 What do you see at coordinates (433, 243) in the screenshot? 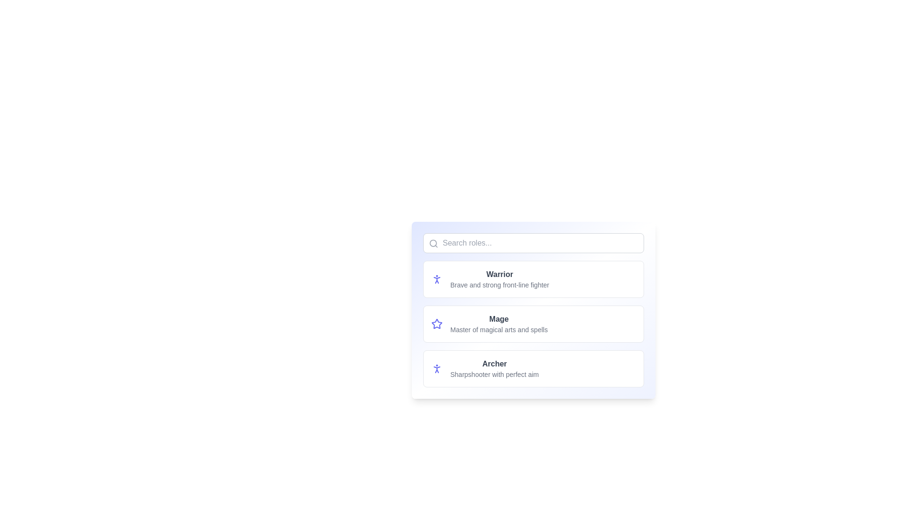
I see `the search icon, which is positioned in the top-left corner of the search input field, slightly inset towards the left and top edges` at bounding box center [433, 243].